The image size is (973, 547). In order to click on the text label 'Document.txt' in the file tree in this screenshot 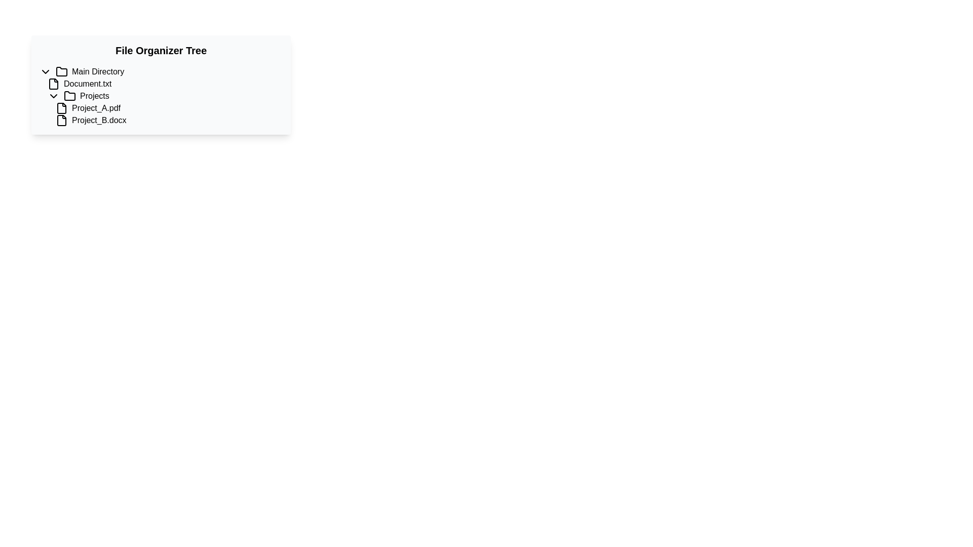, I will do `click(87, 83)`.